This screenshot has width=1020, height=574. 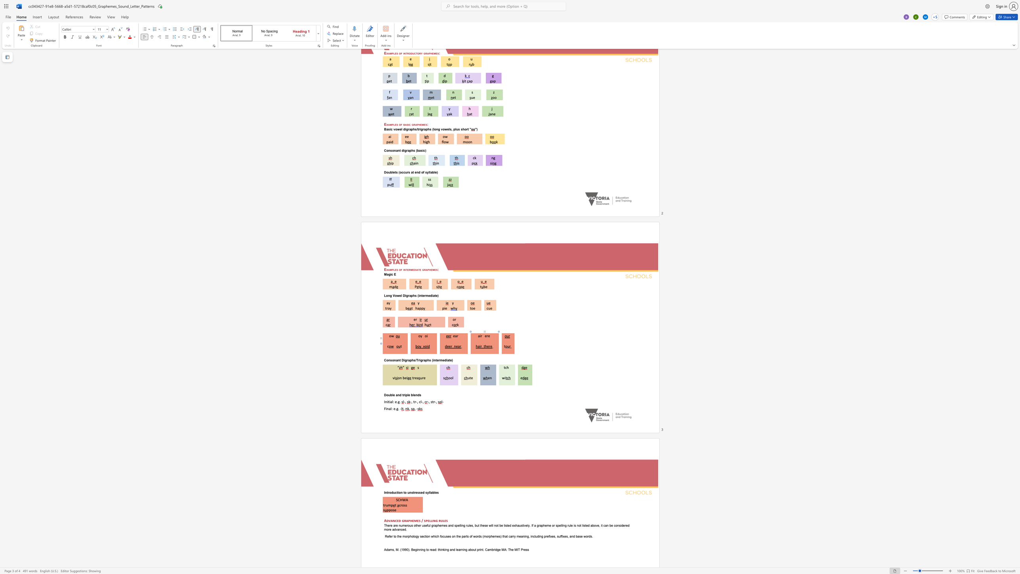 What do you see at coordinates (387, 395) in the screenshot?
I see `the 1th character "o" in the text` at bounding box center [387, 395].